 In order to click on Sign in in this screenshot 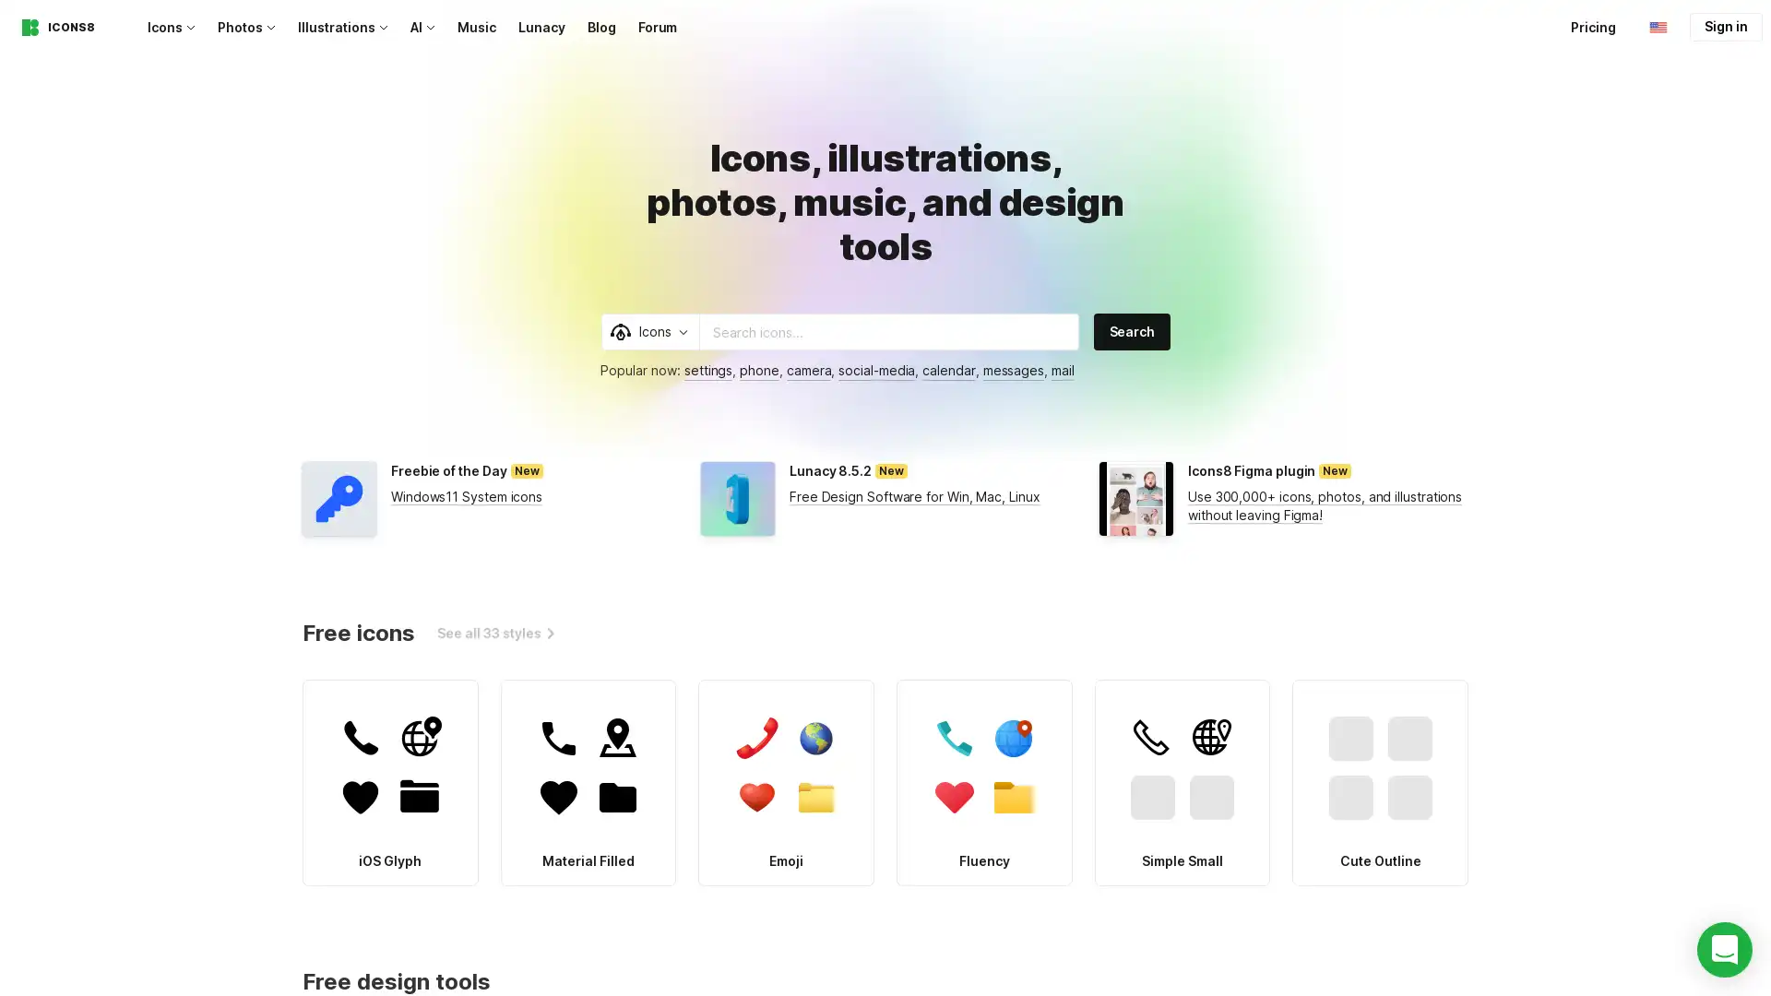, I will do `click(1725, 27)`.